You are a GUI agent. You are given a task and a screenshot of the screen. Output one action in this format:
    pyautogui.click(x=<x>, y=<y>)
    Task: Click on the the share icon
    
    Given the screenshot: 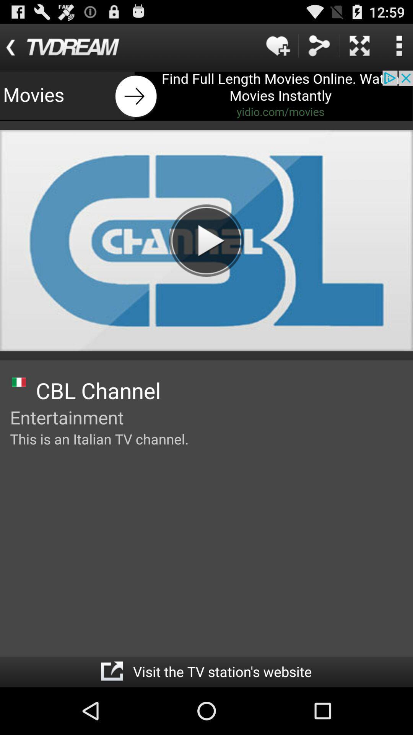 What is the action you would take?
    pyautogui.click(x=112, y=718)
    